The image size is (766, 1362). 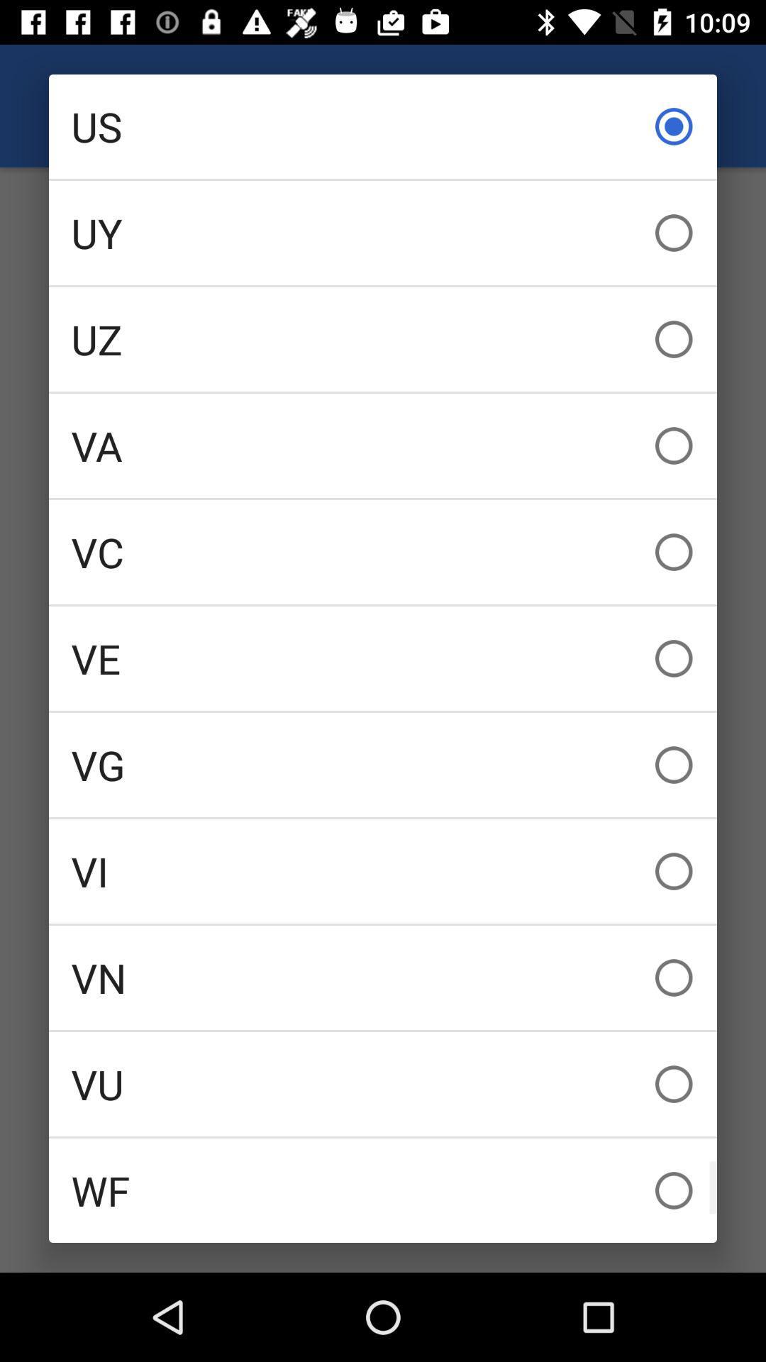 I want to click on the item below va, so click(x=383, y=551).